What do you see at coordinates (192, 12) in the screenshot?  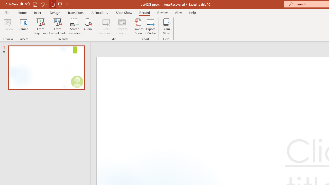 I see `'Help'` at bounding box center [192, 12].